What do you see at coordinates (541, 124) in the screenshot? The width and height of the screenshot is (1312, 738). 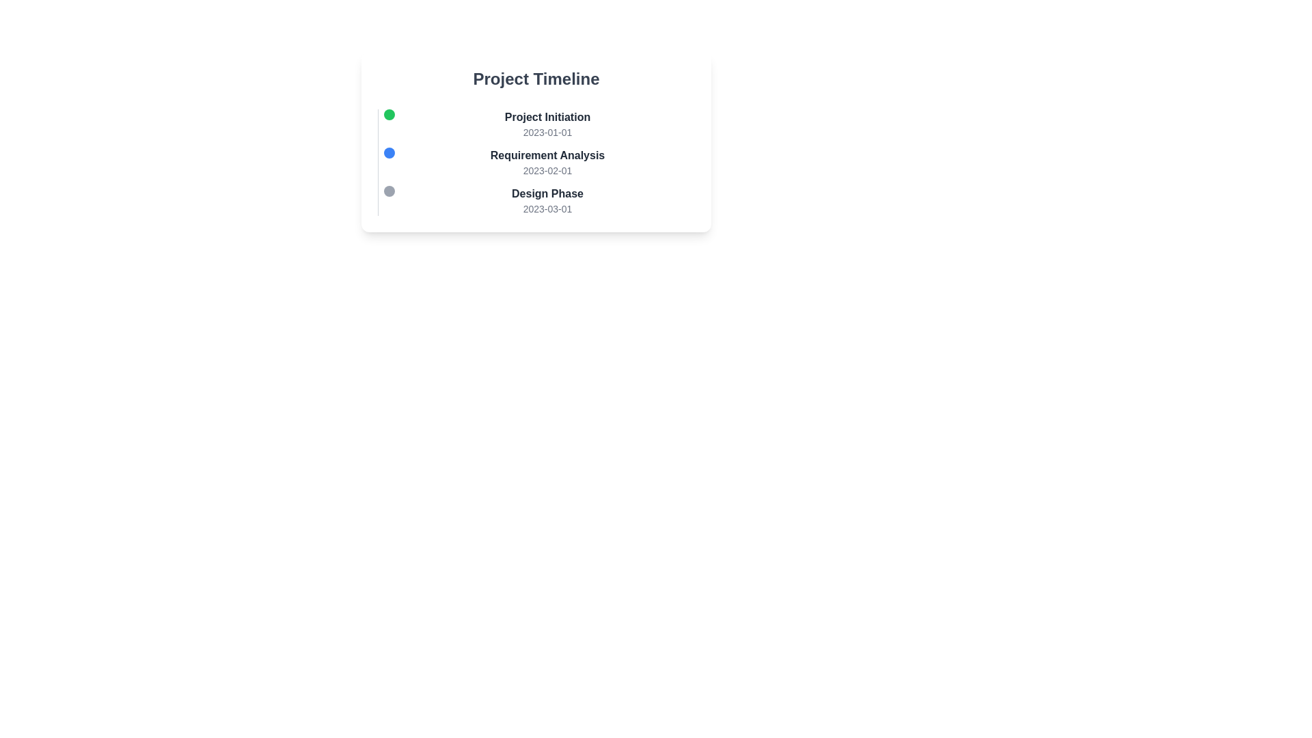 I see `displayed information from the first Timeline Entry titled 'Project Initiation' with the date '2023-01-01', which is located at the top of the Project Timeline list` at bounding box center [541, 124].